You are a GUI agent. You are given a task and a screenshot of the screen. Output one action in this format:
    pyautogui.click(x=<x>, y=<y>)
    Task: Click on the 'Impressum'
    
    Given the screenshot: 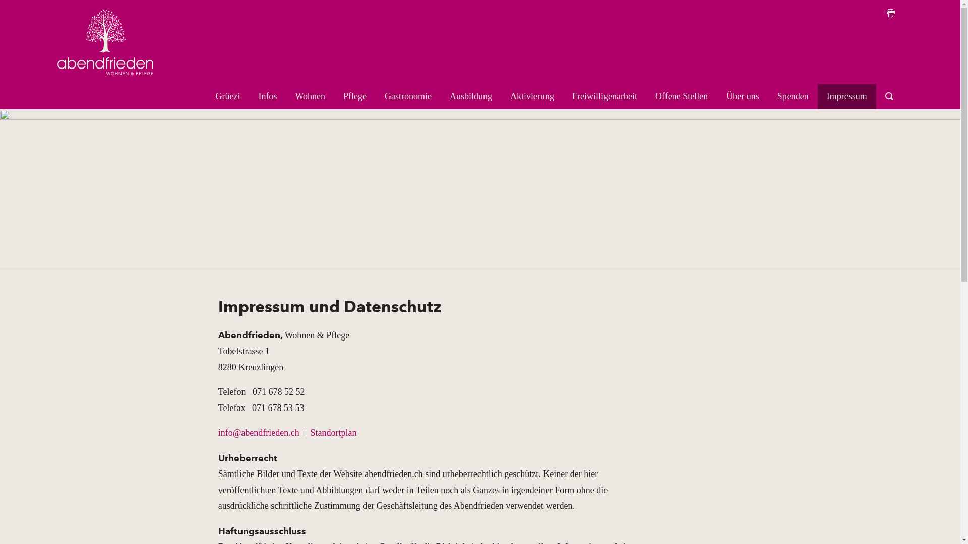 What is the action you would take?
    pyautogui.click(x=847, y=97)
    